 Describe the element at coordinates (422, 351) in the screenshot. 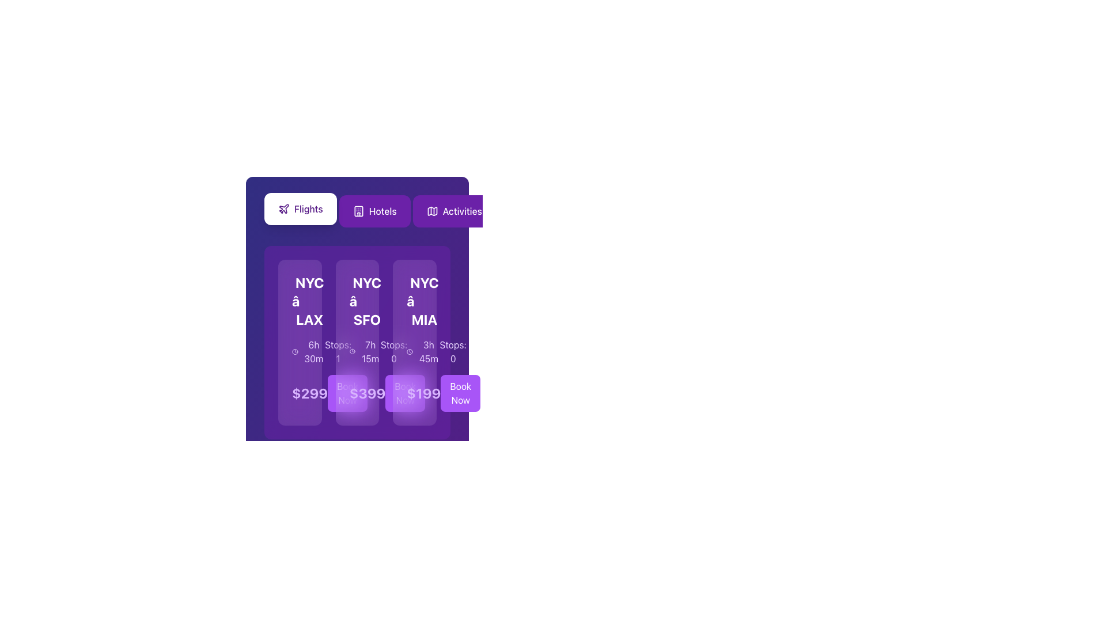

I see `displayed duration of the flight, which is shown as a text label with an associated icon, located in the NYC to MIA flight card in the center-bottom section of the interface` at that location.